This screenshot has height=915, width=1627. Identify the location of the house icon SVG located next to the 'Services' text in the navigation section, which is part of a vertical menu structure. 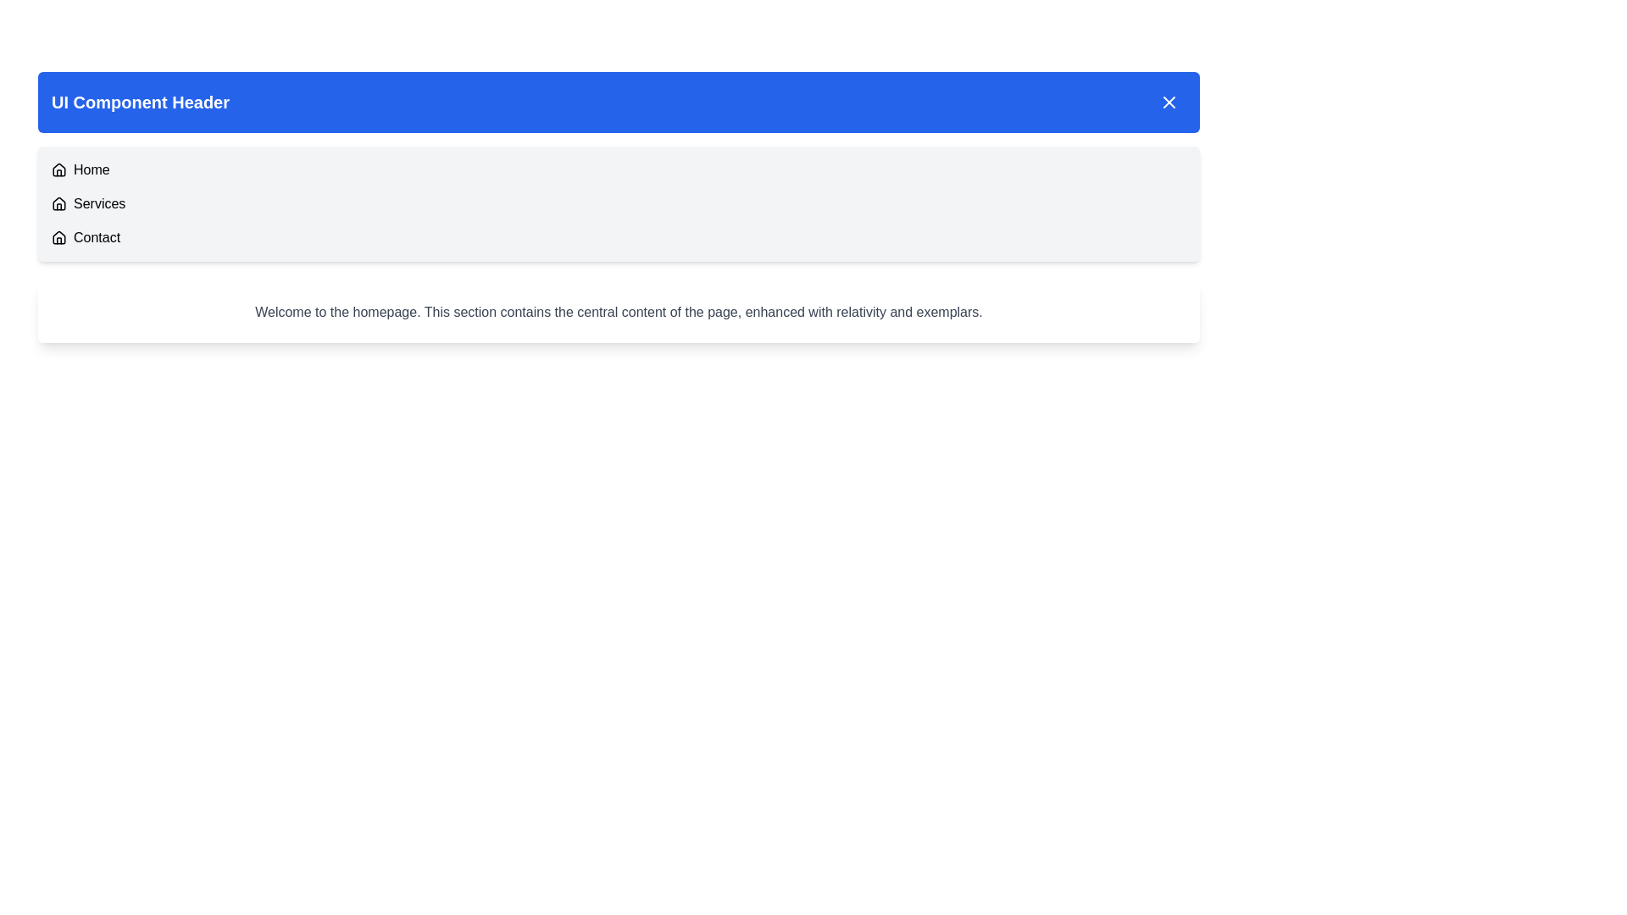
(59, 202).